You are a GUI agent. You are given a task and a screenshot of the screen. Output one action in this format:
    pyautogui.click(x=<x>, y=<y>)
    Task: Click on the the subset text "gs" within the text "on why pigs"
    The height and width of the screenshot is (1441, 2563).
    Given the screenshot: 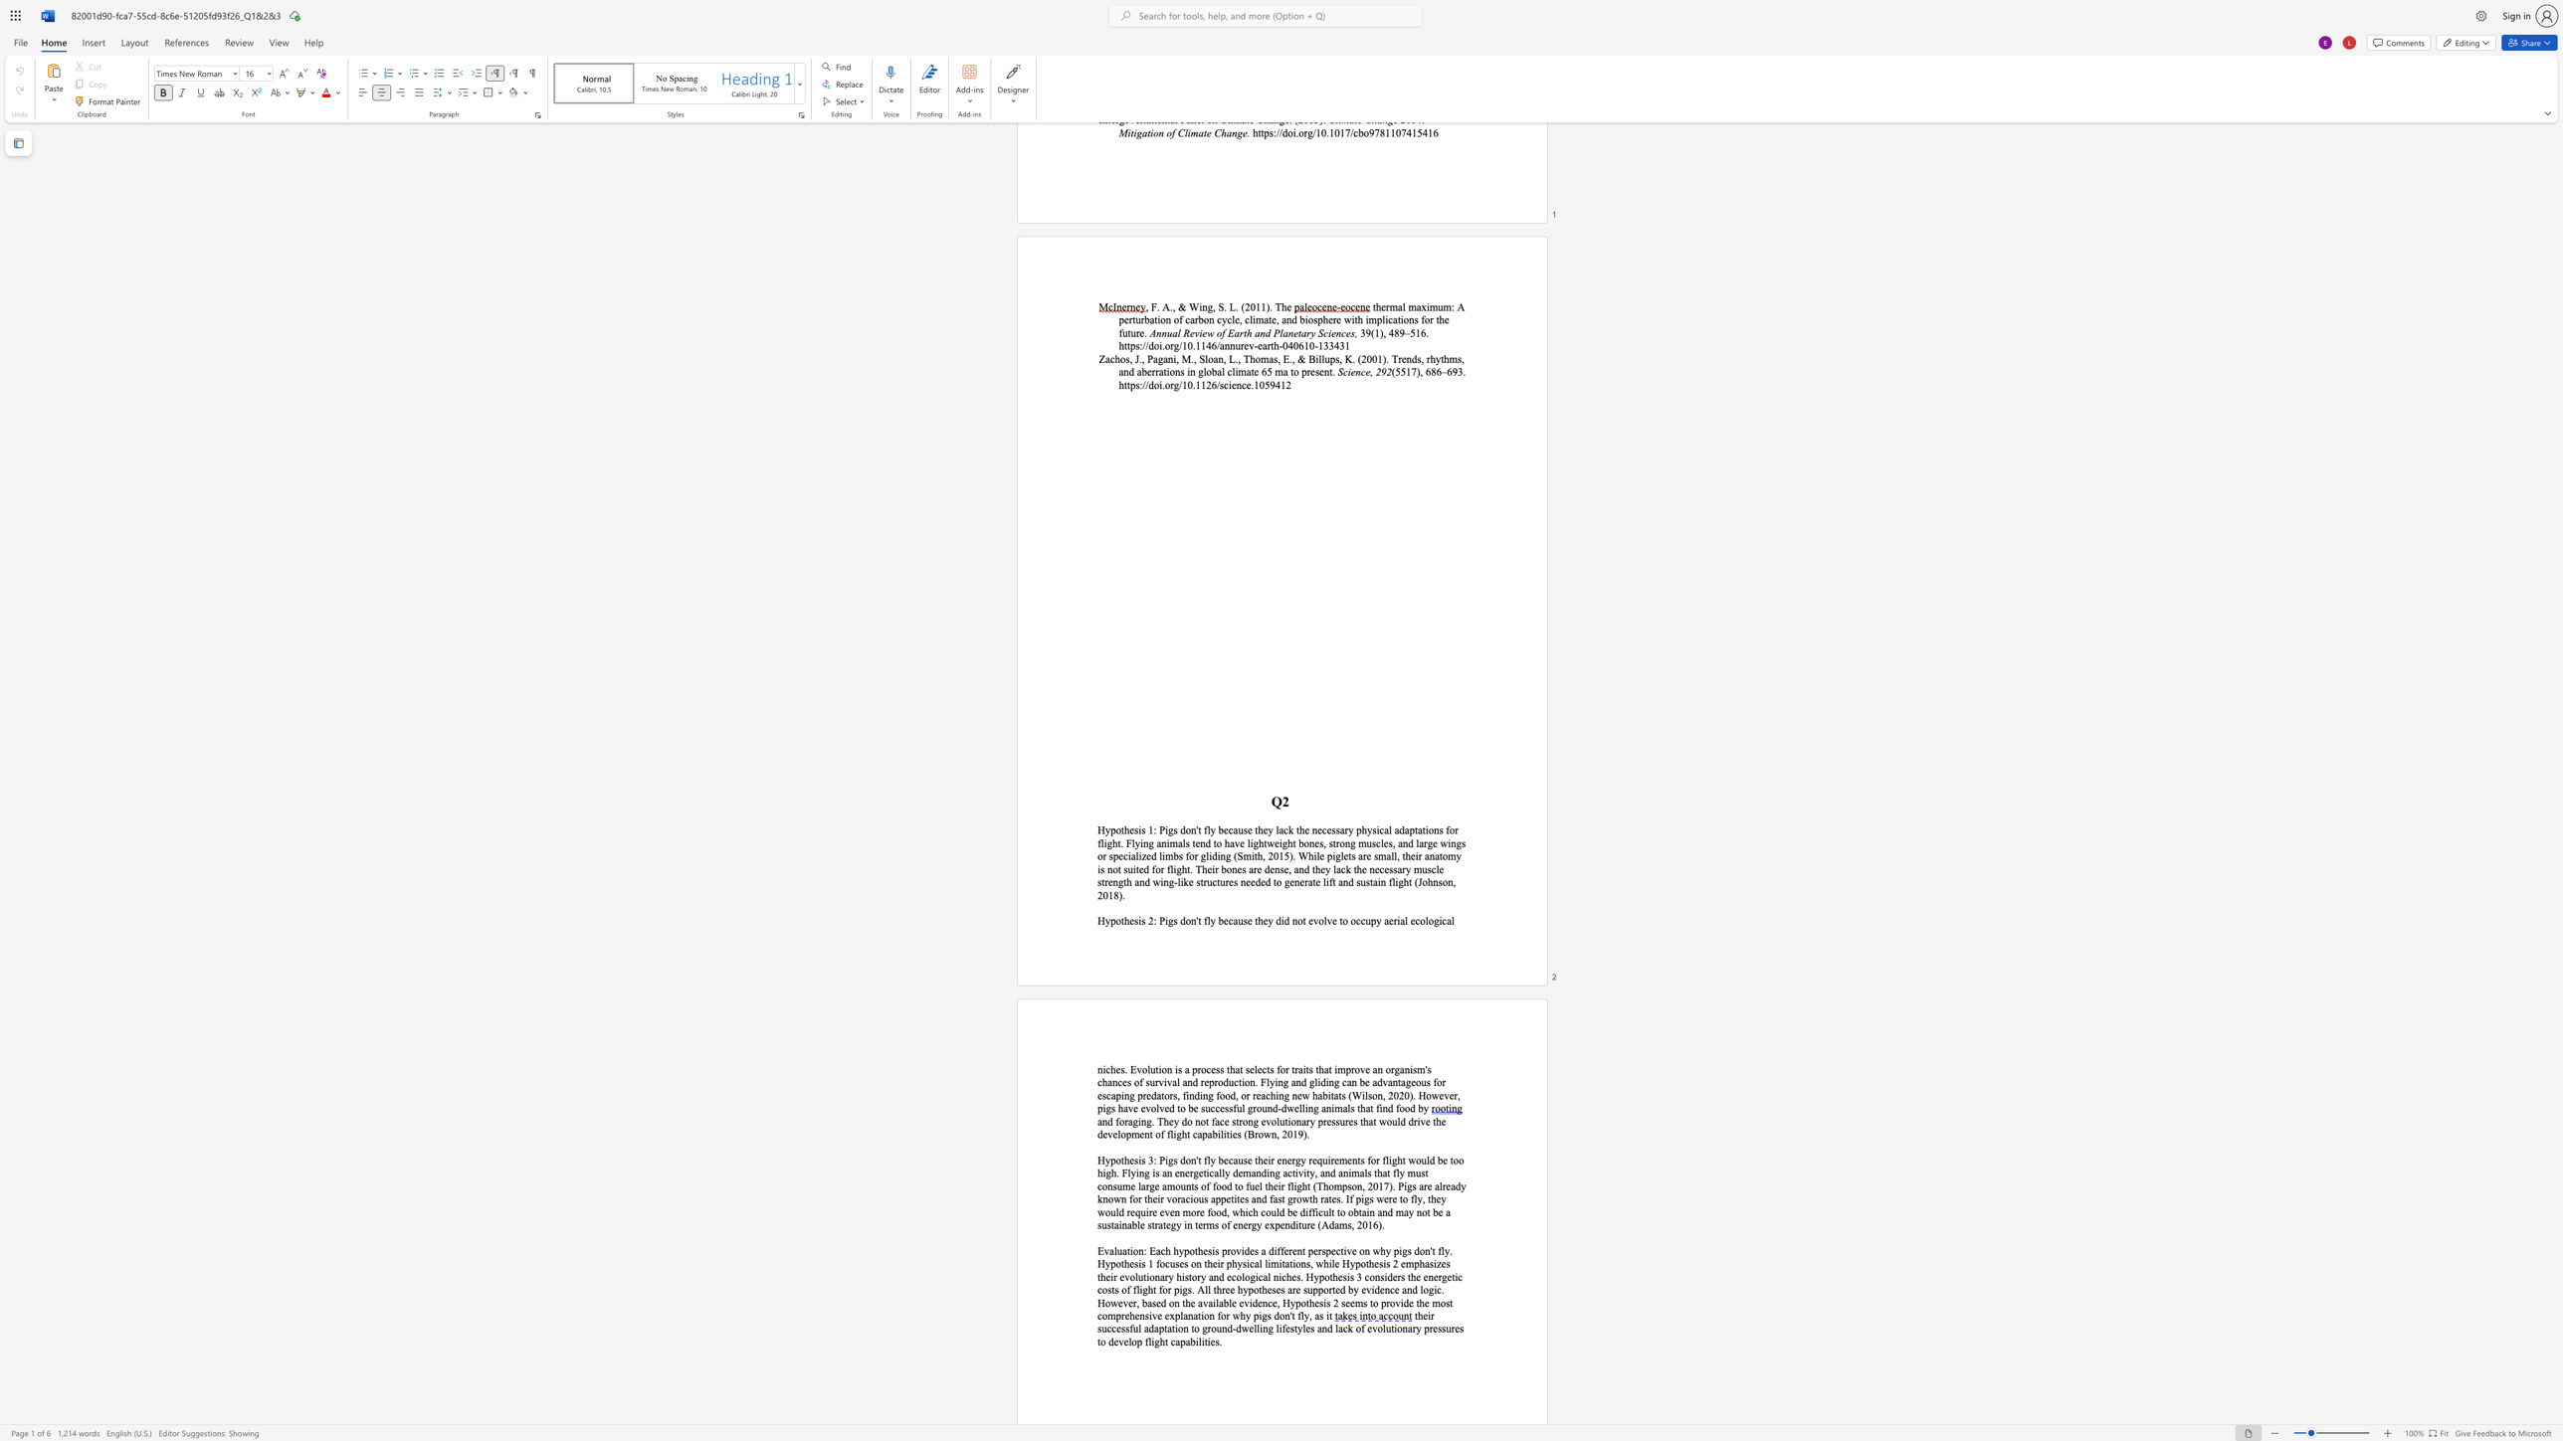 What is the action you would take?
    pyautogui.click(x=1401, y=1250)
    